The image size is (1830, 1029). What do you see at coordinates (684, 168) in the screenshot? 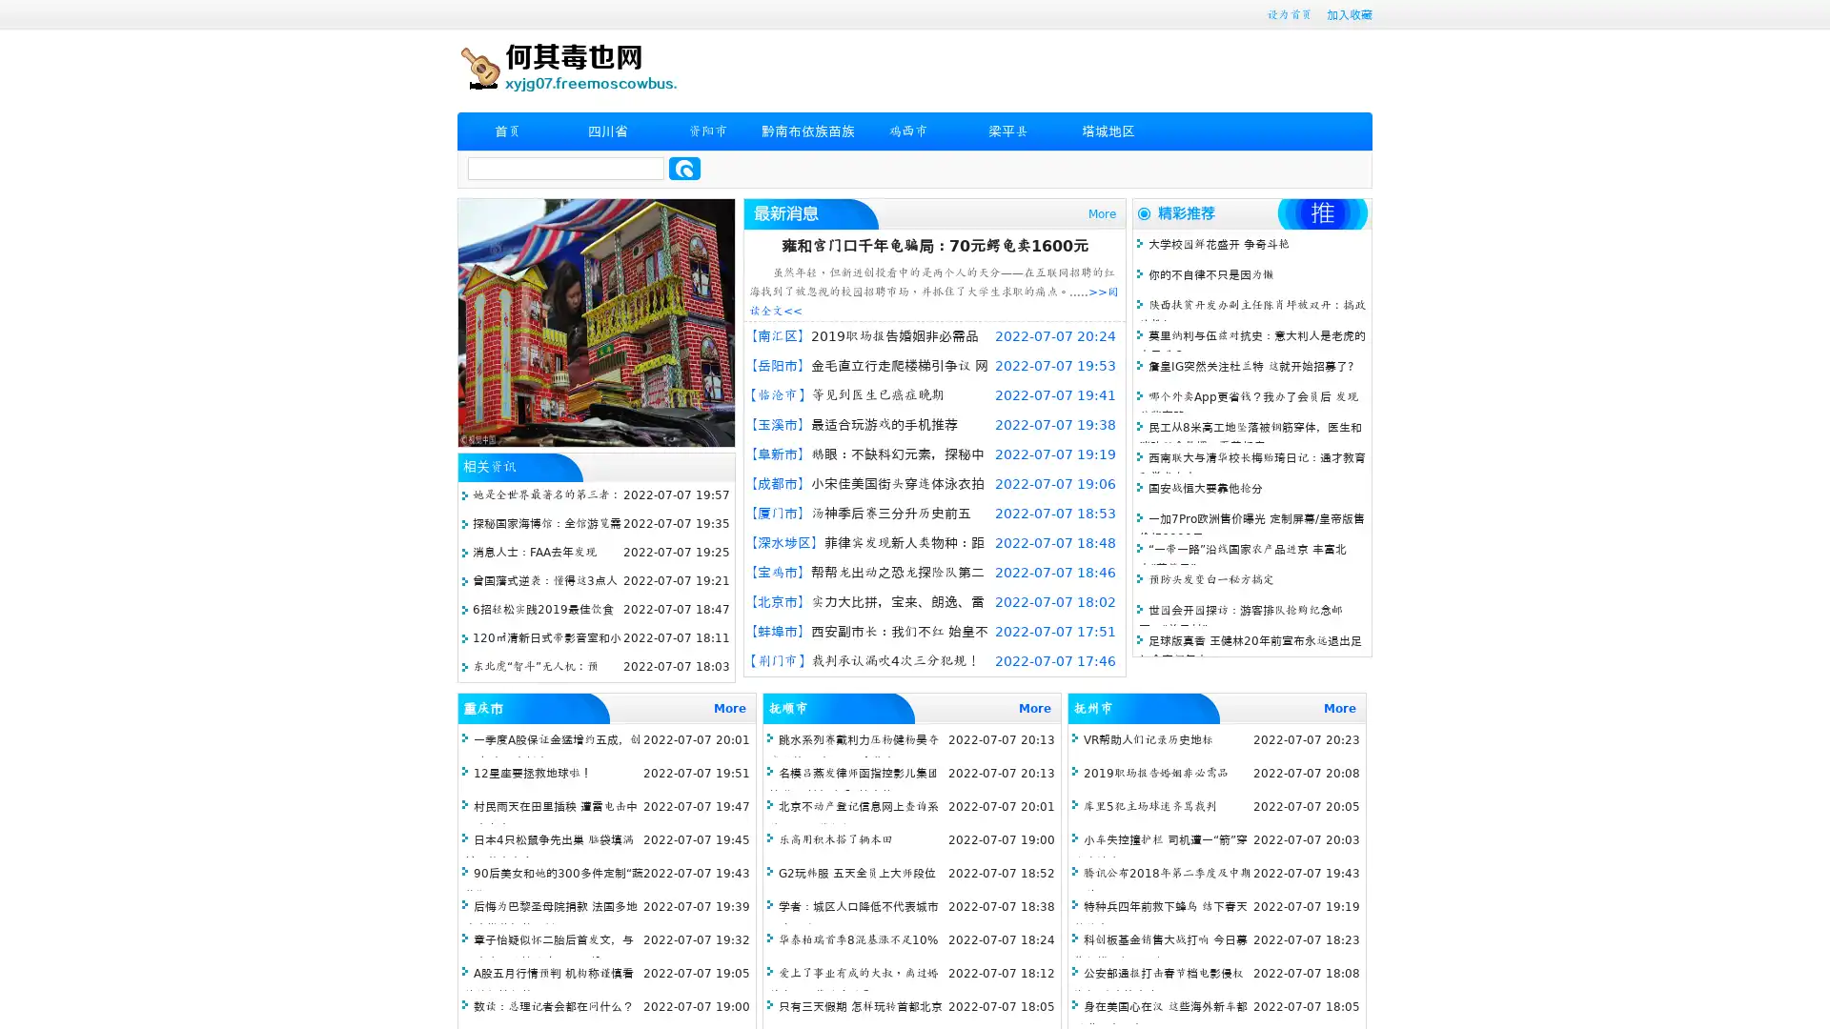
I see `Search` at bounding box center [684, 168].